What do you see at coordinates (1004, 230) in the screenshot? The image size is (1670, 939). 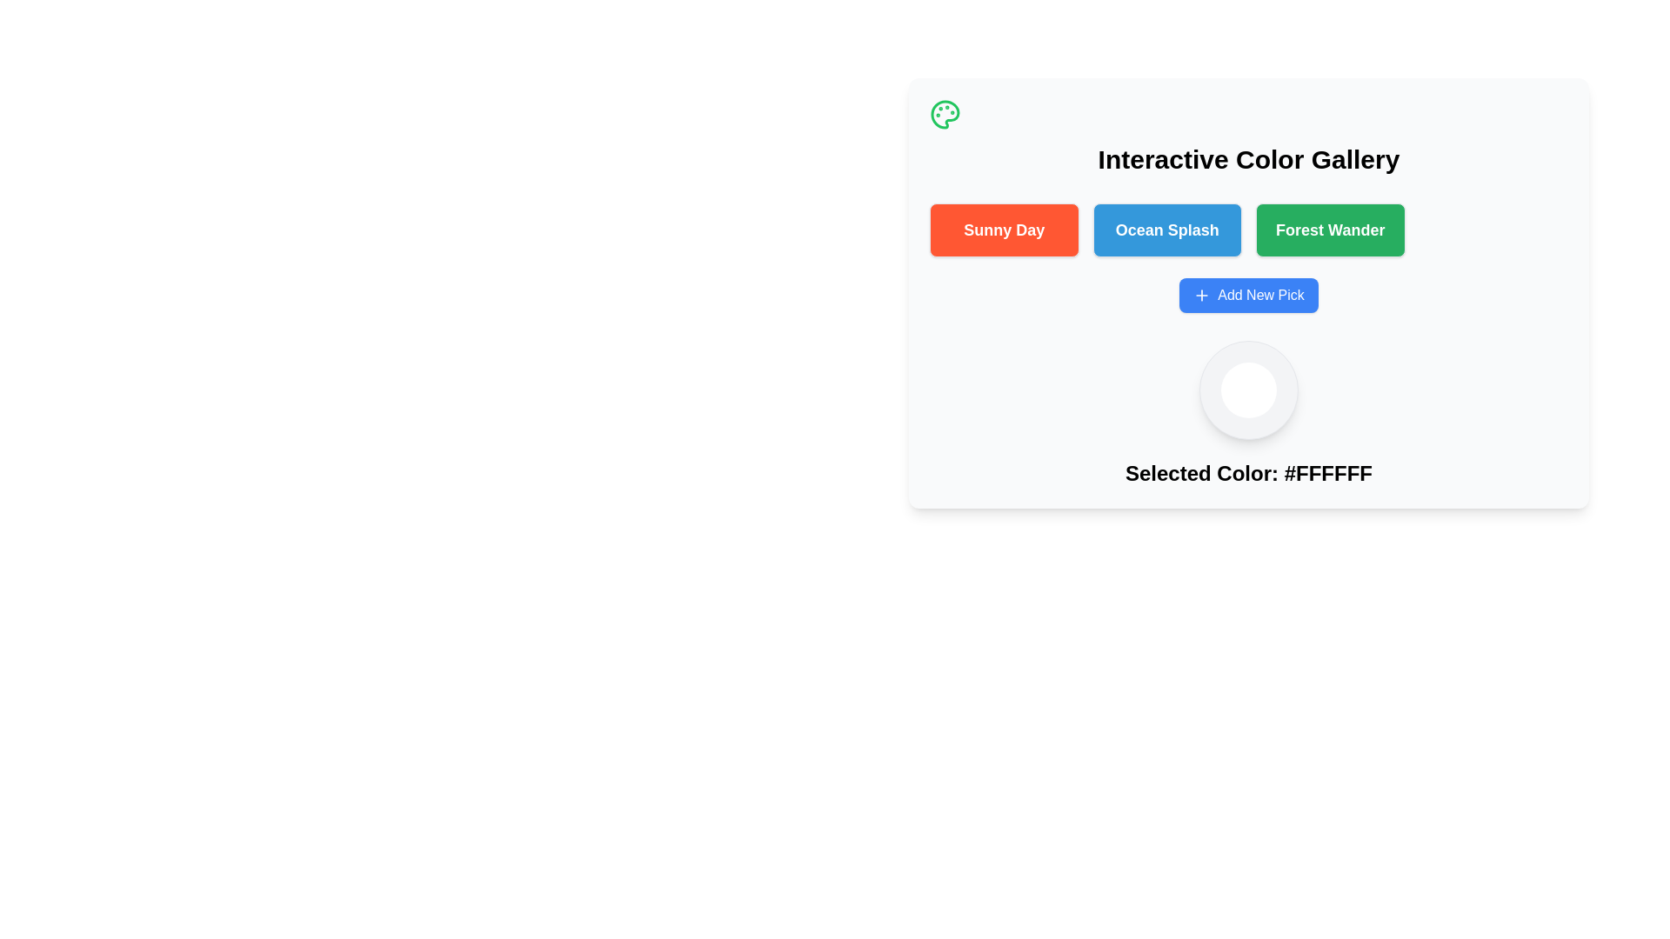 I see `the text element displaying 'Sunny Day' in bold white font on a vibrant orange background, which is positioned in the top left section of the interactive area` at bounding box center [1004, 230].